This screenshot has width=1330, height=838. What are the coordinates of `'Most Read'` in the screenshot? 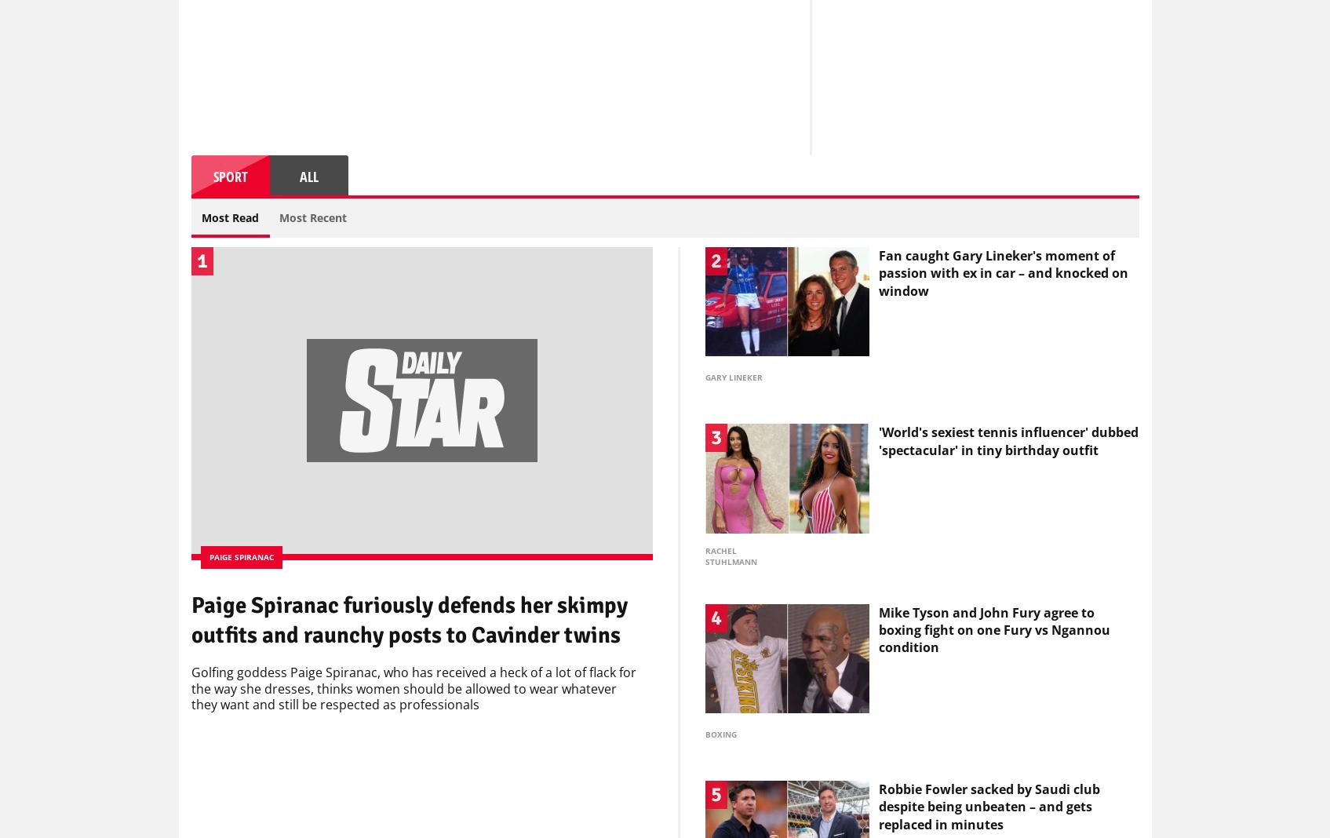 It's located at (230, 220).